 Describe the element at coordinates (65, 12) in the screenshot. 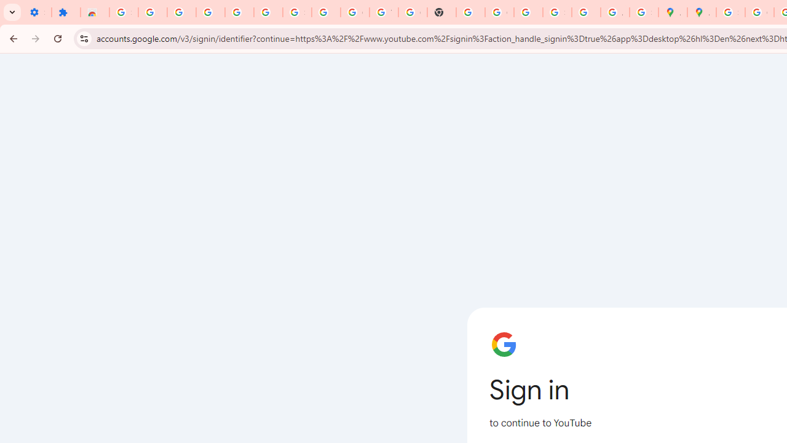

I see `'Extensions'` at that location.